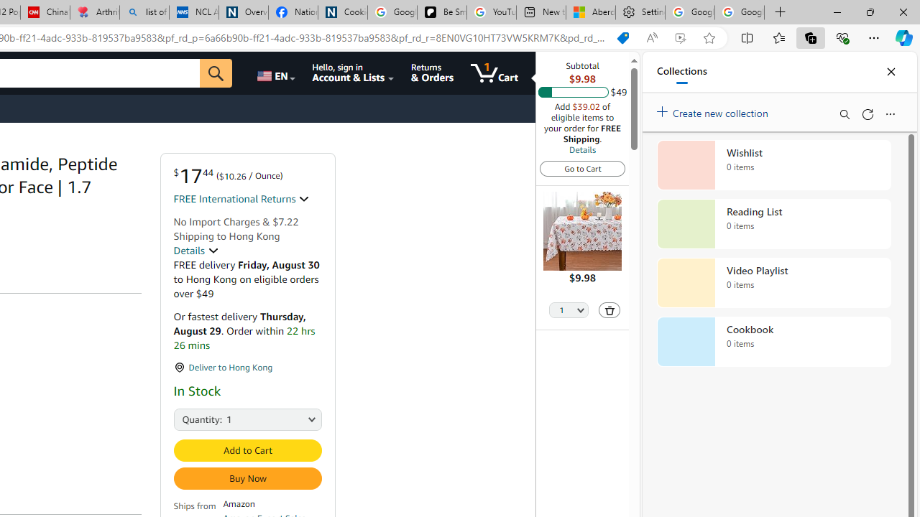  What do you see at coordinates (773, 164) in the screenshot?
I see `'Wishlist collection, 0 items'` at bounding box center [773, 164].